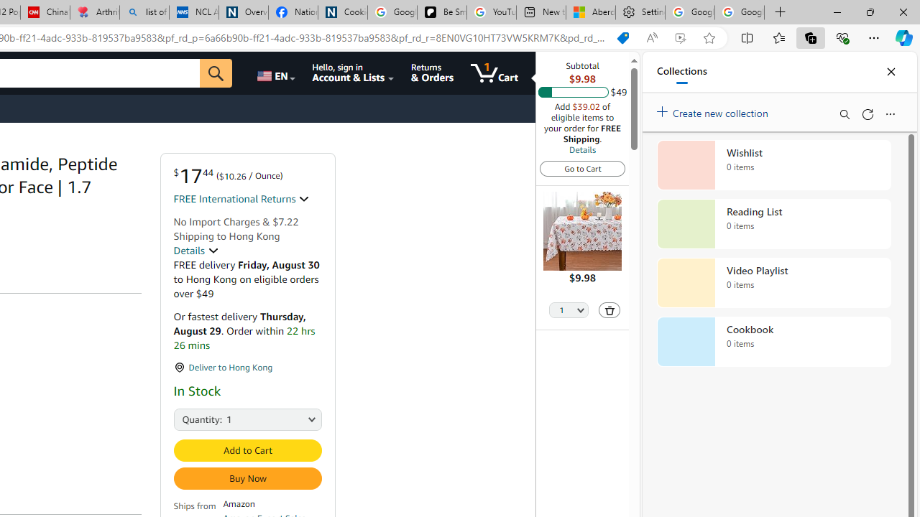  What do you see at coordinates (773, 164) in the screenshot?
I see `'Wishlist collection, 0 items'` at bounding box center [773, 164].